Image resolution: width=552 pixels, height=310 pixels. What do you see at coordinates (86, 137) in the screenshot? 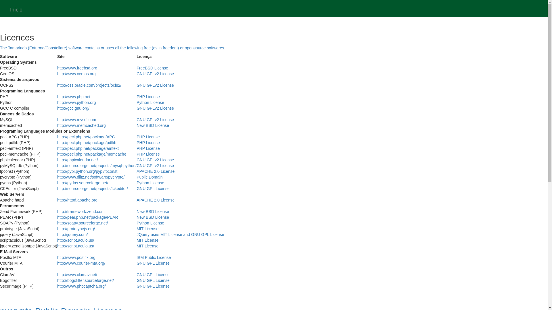
I see `'http://pecl.php.net/package/APC'` at bounding box center [86, 137].